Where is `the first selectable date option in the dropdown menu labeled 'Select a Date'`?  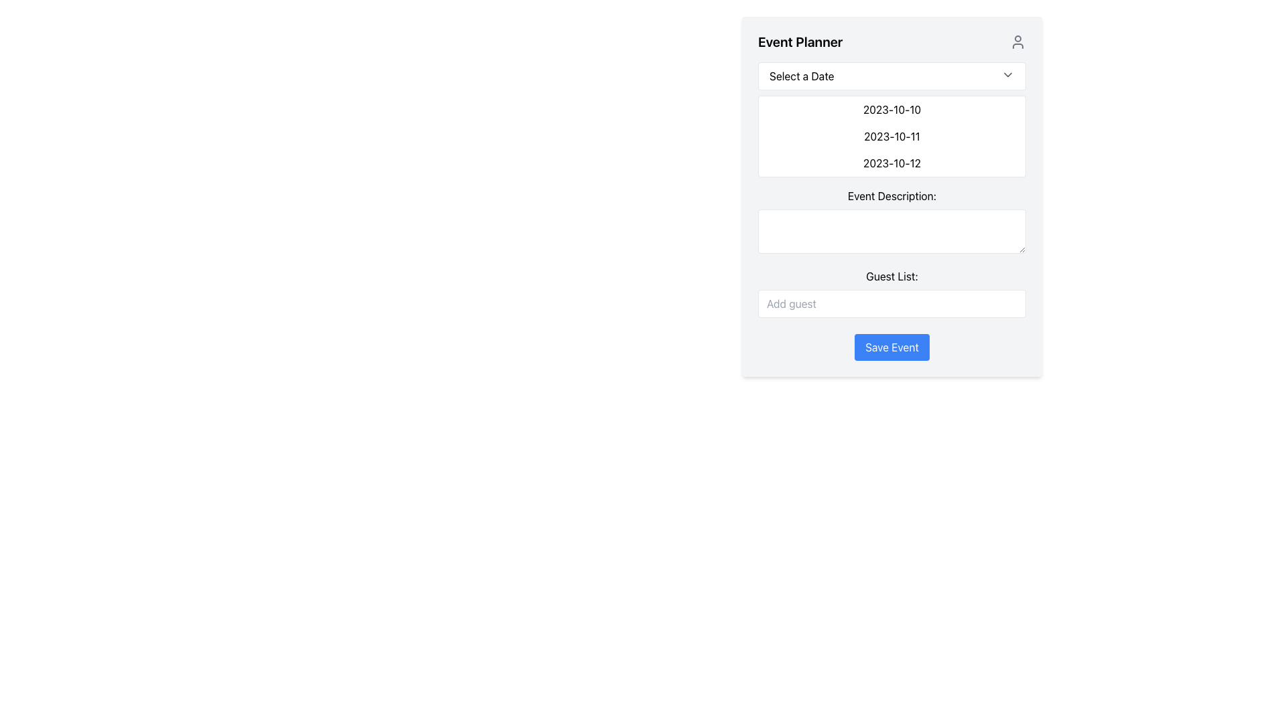 the first selectable date option in the dropdown menu labeled 'Select a Date' is located at coordinates (891, 109).